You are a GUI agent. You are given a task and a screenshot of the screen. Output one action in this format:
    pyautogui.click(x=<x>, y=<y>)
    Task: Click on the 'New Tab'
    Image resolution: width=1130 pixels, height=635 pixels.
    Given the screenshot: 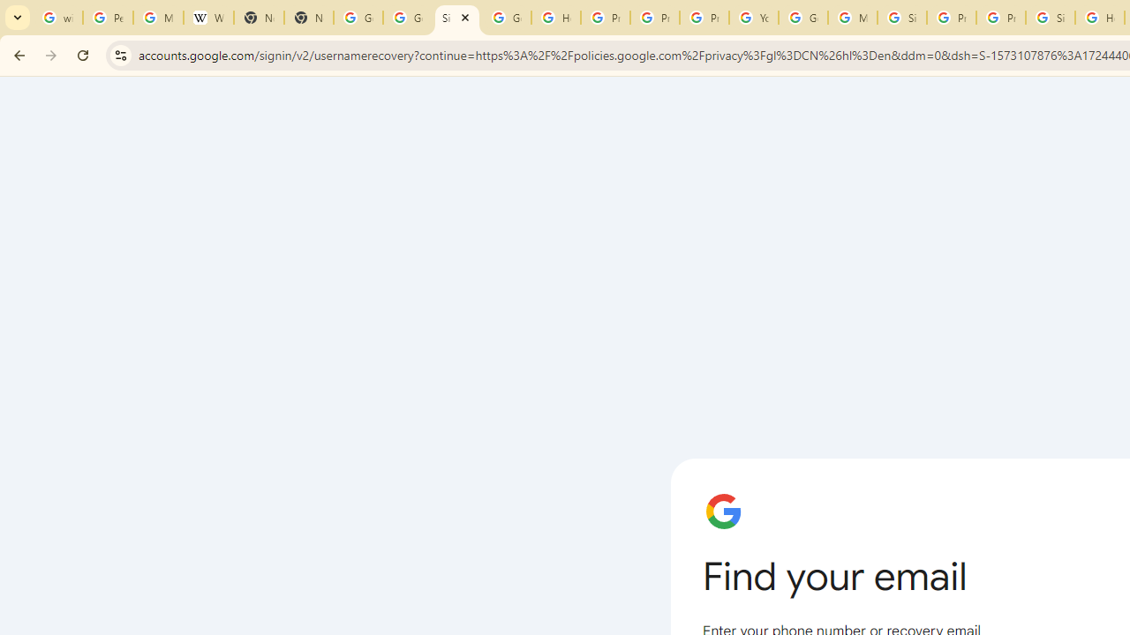 What is the action you would take?
    pyautogui.click(x=309, y=18)
    